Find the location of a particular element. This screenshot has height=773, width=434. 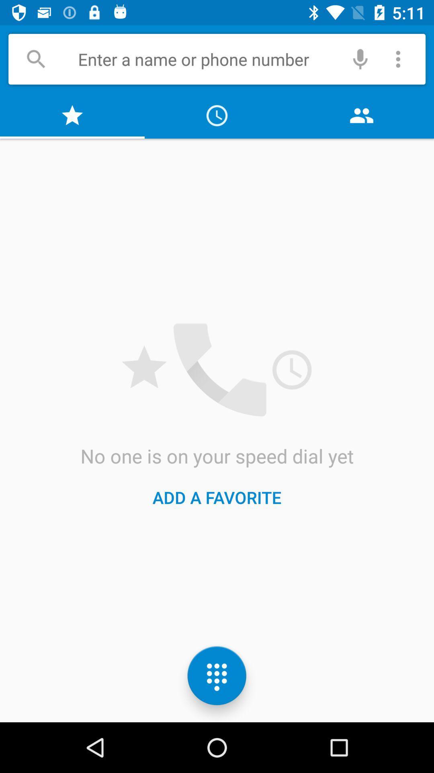

the dialpad icon is located at coordinates (217, 676).